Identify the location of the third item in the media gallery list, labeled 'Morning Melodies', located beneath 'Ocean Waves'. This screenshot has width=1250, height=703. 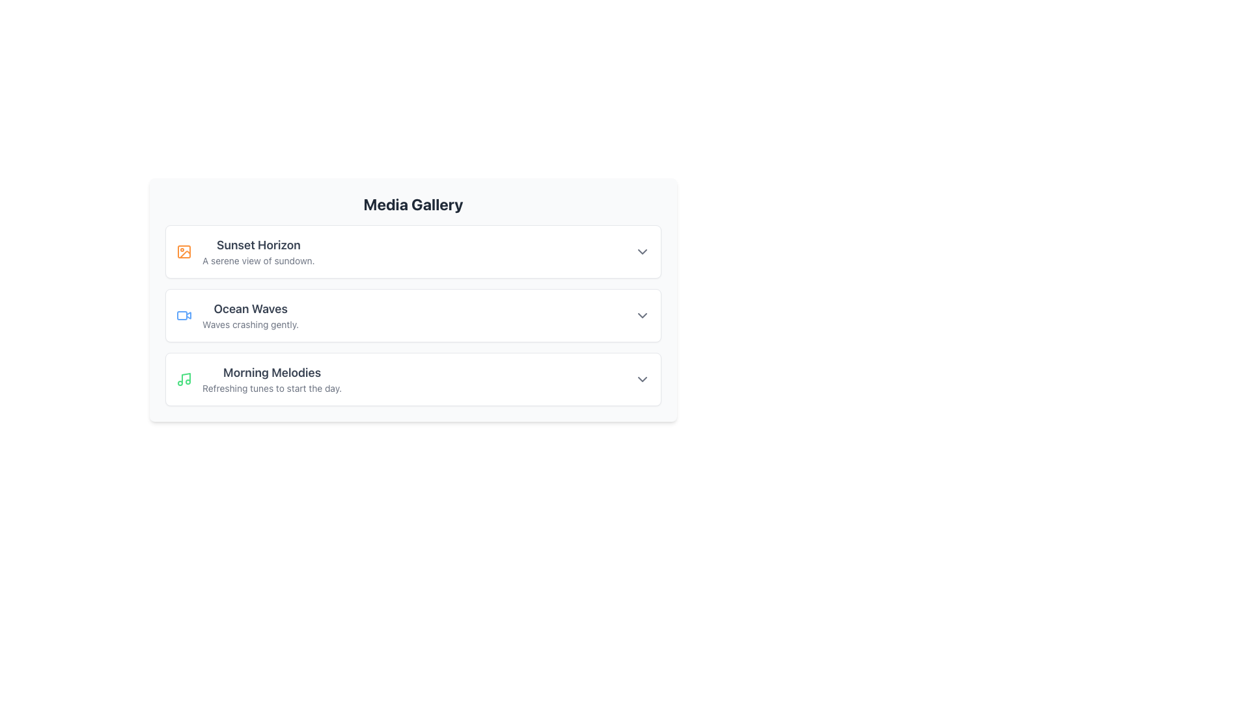
(259, 379).